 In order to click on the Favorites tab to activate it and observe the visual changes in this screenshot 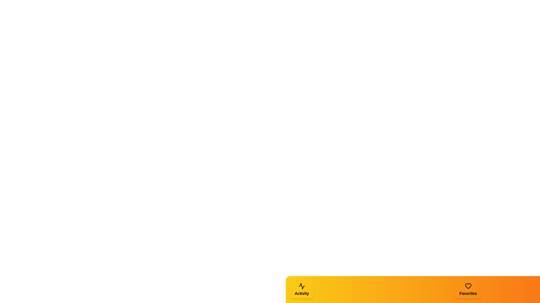, I will do `click(468, 290)`.